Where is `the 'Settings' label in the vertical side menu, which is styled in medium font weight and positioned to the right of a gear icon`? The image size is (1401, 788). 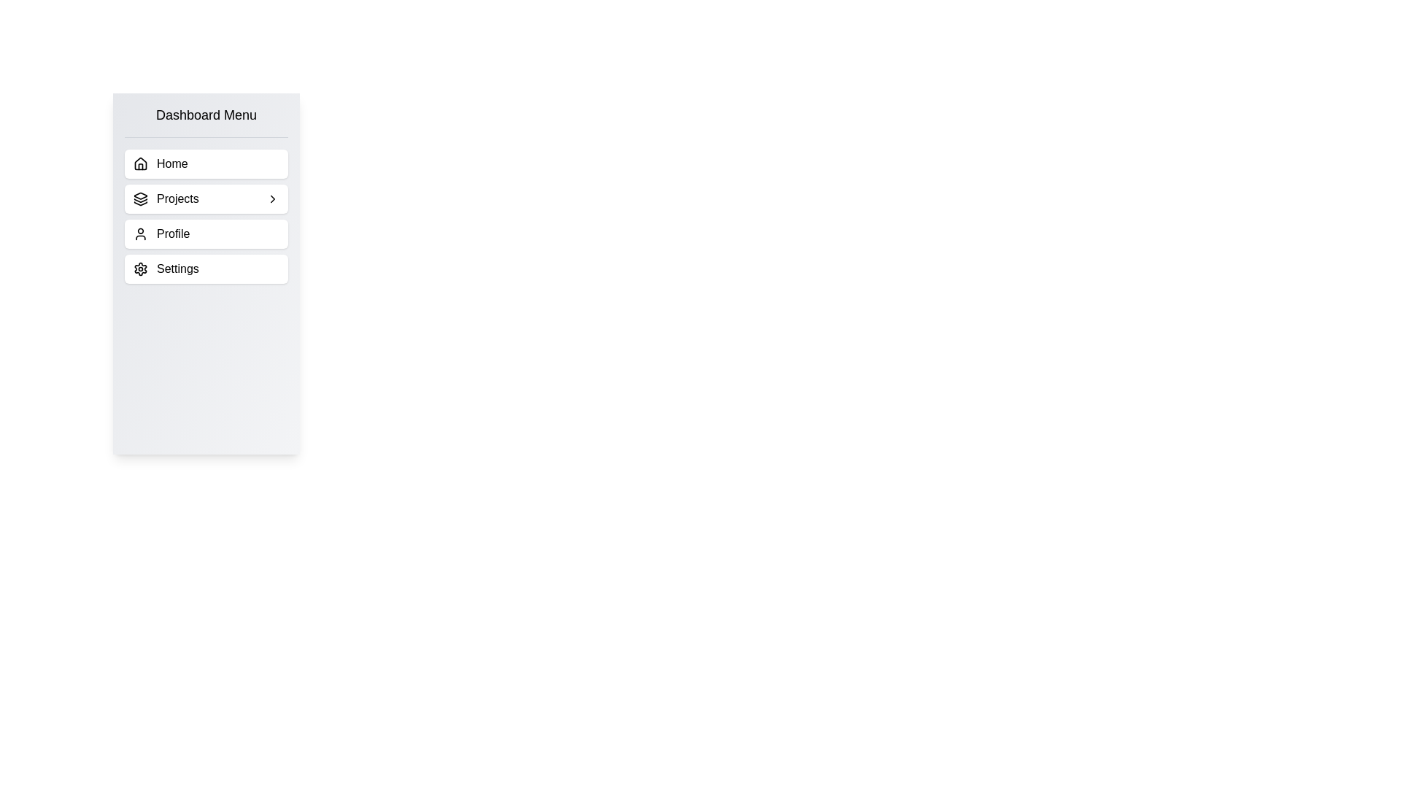
the 'Settings' label in the vertical side menu, which is styled in medium font weight and positioned to the right of a gear icon is located at coordinates (177, 269).